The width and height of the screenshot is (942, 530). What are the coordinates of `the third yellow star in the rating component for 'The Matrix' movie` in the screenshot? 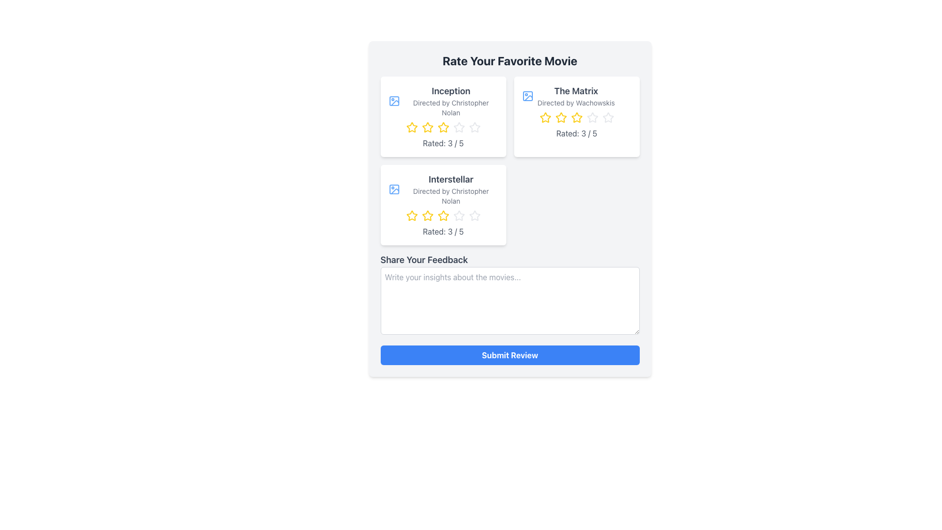 It's located at (576, 117).